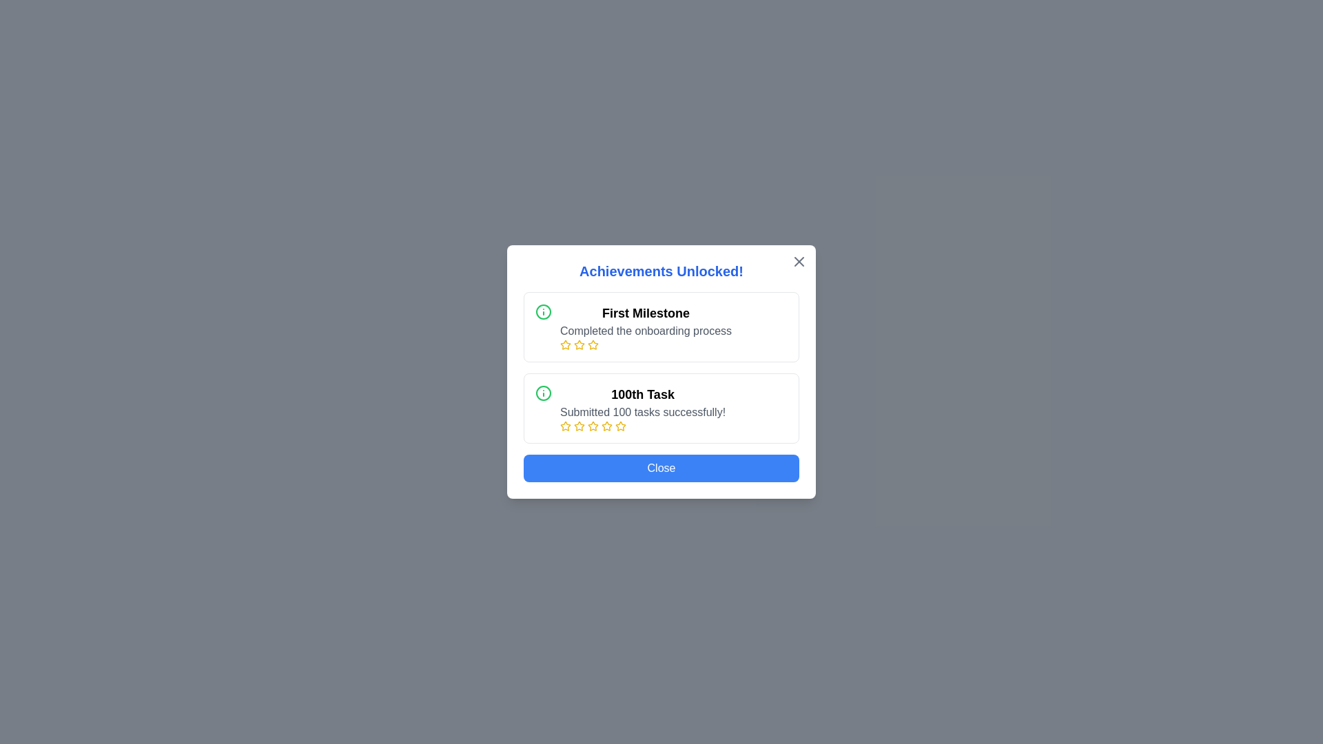  What do you see at coordinates (593, 344) in the screenshot?
I see `the second star-shaped icon, which is yellow and represents a rating or achievement, located underneath the text 'First Milestone'` at bounding box center [593, 344].